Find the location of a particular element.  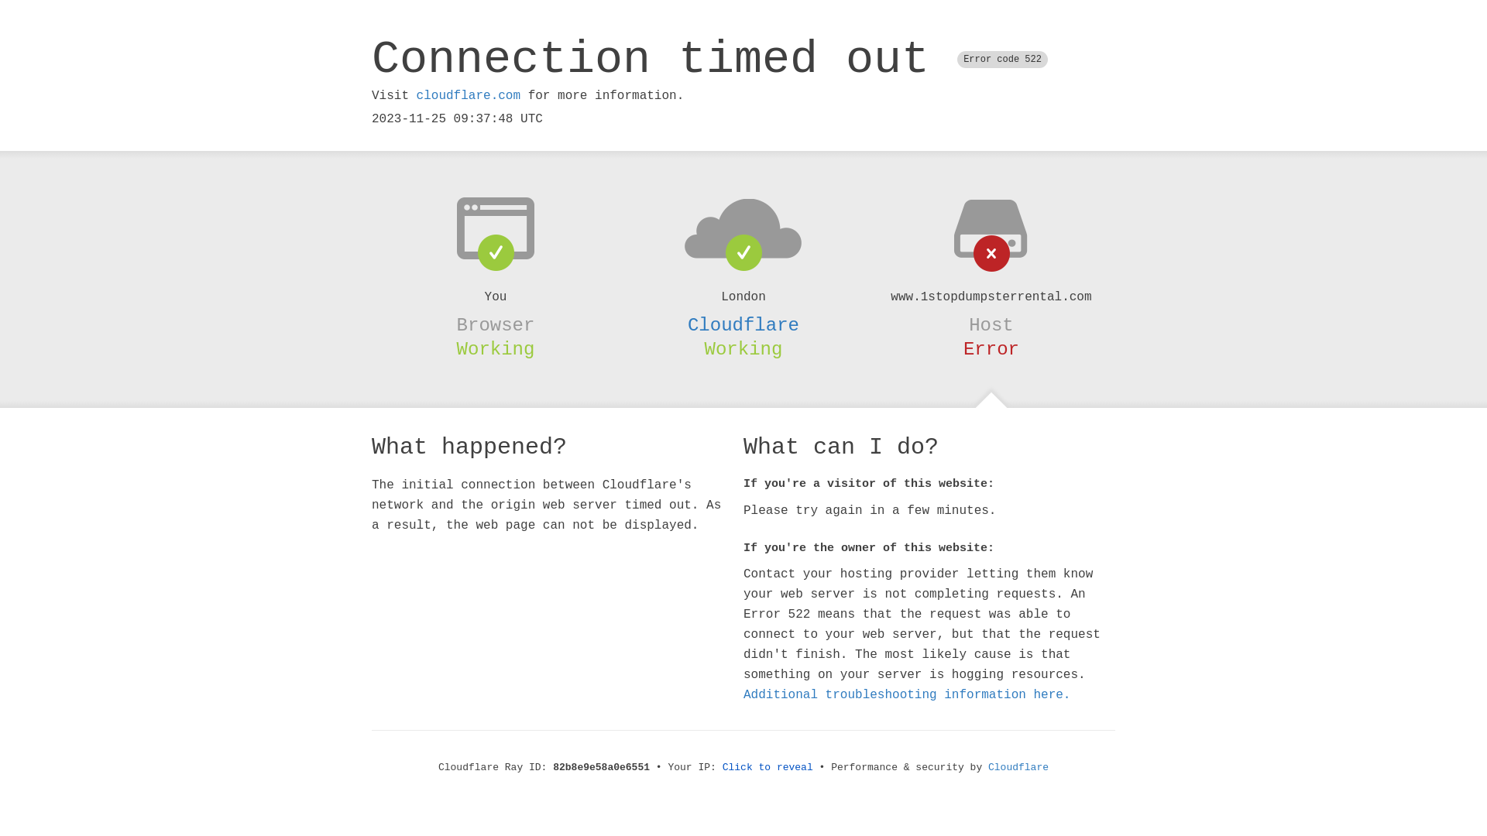

'Cloudflare' is located at coordinates (743, 324).